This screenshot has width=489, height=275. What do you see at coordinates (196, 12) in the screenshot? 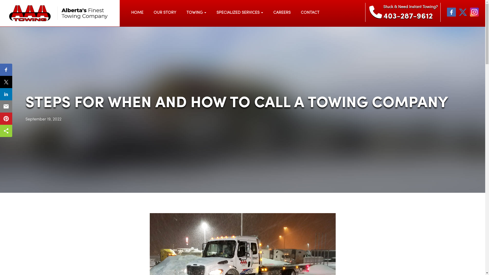
I see `'TOWING'` at bounding box center [196, 12].